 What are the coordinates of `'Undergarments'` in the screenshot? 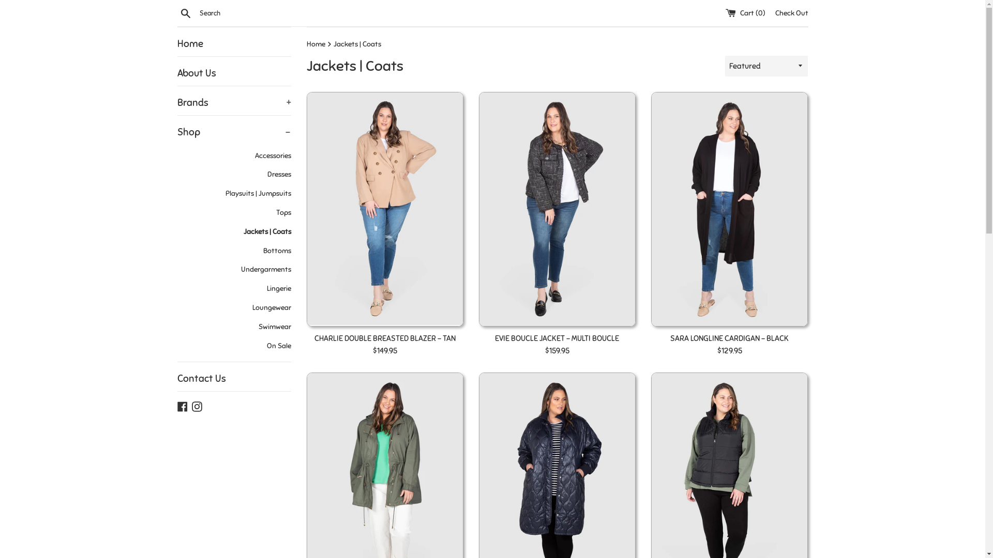 It's located at (233, 269).